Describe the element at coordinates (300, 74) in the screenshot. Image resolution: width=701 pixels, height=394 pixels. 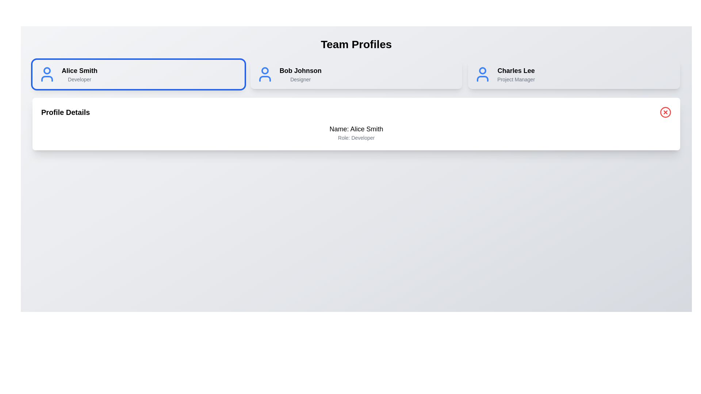
I see `the text display component showing 'Bob Johnson' as part of the second profile card in the Team Profiles section` at that location.